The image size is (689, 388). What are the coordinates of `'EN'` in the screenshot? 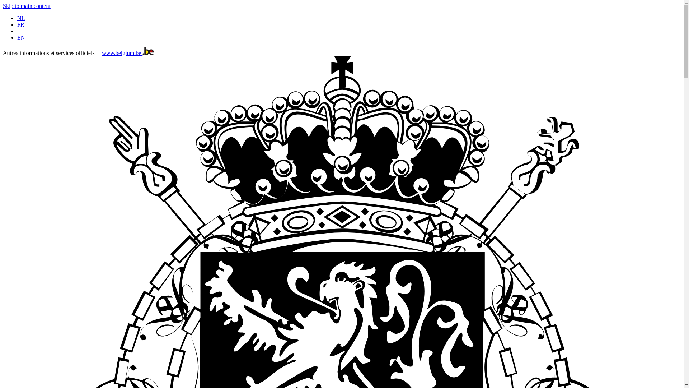 It's located at (21, 37).